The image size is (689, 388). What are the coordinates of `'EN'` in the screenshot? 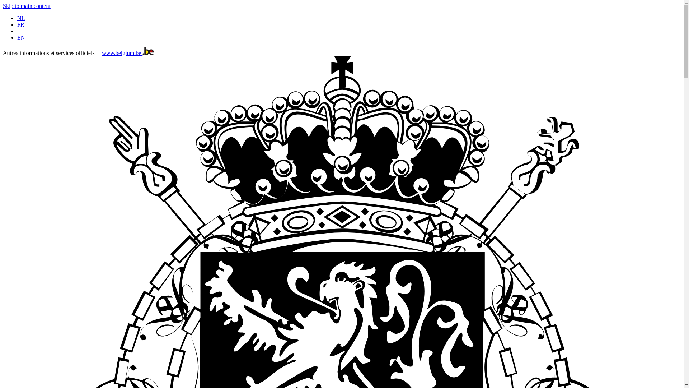 It's located at (21, 37).